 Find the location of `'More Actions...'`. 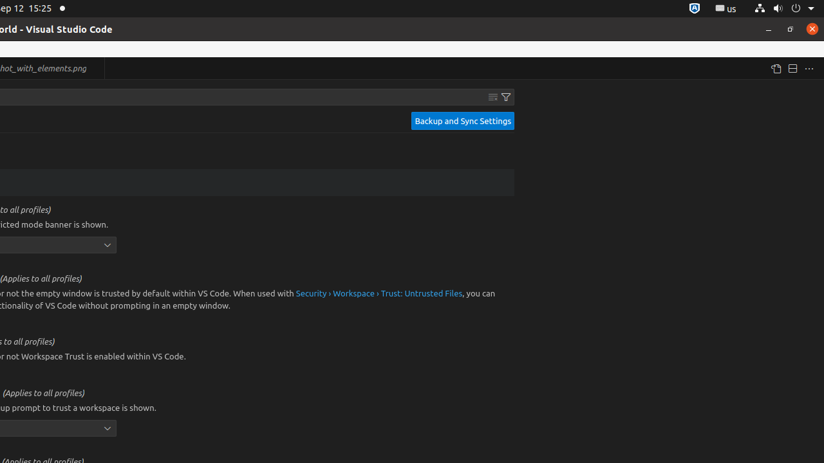

'More Actions...' is located at coordinates (808, 68).